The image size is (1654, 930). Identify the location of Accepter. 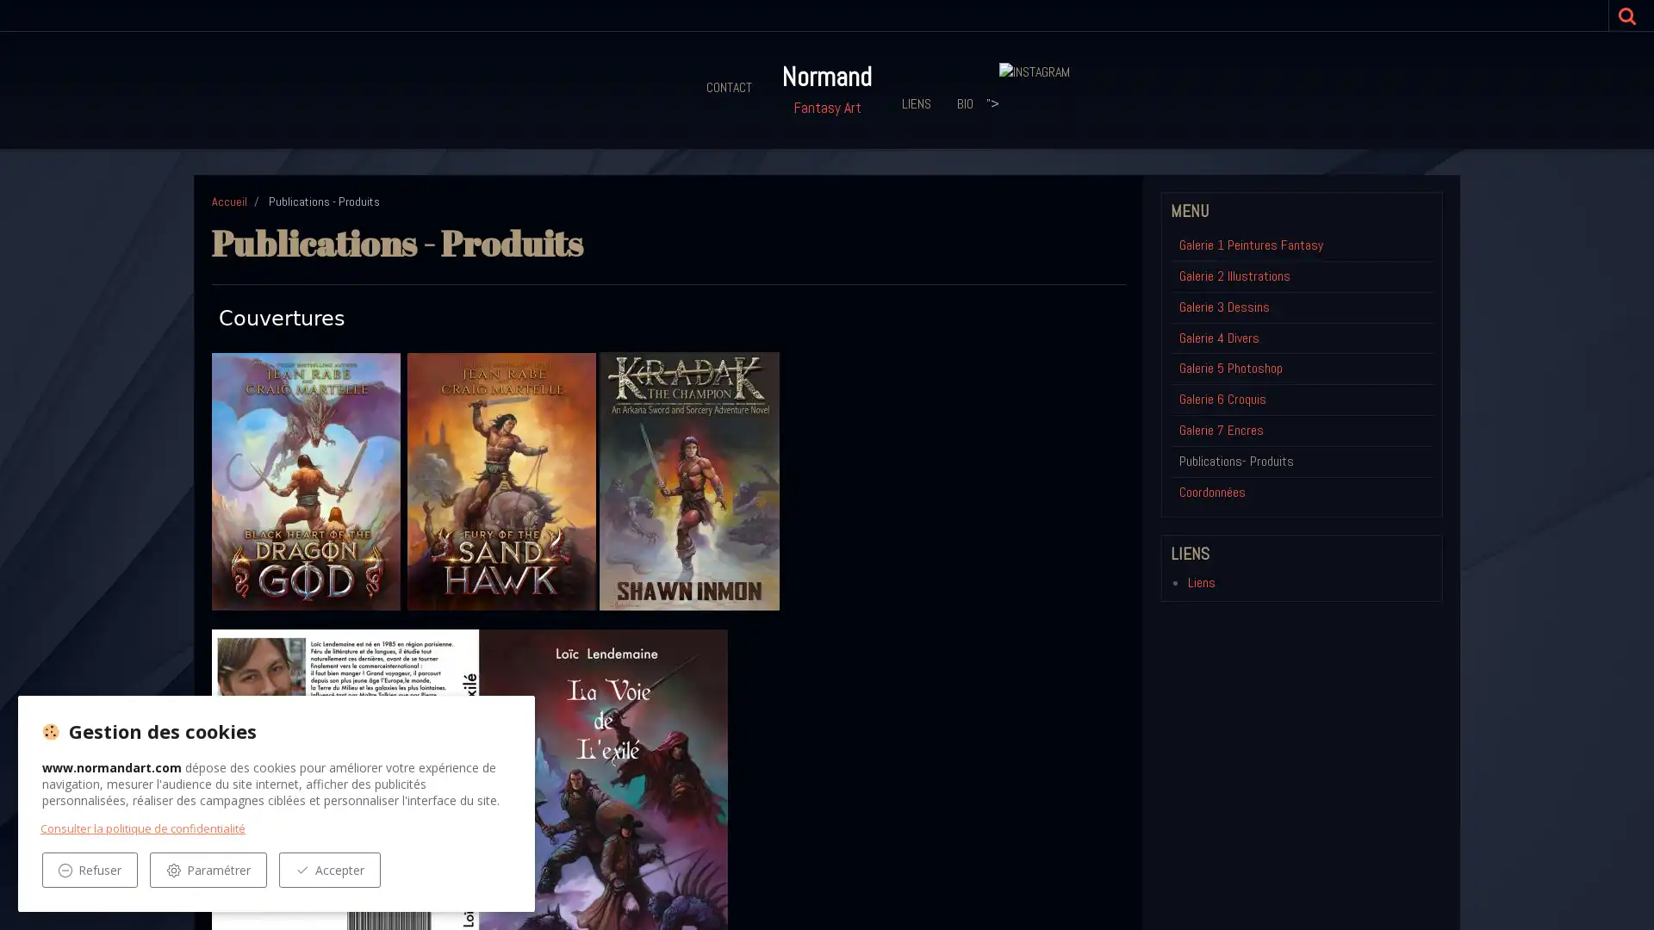
(329, 870).